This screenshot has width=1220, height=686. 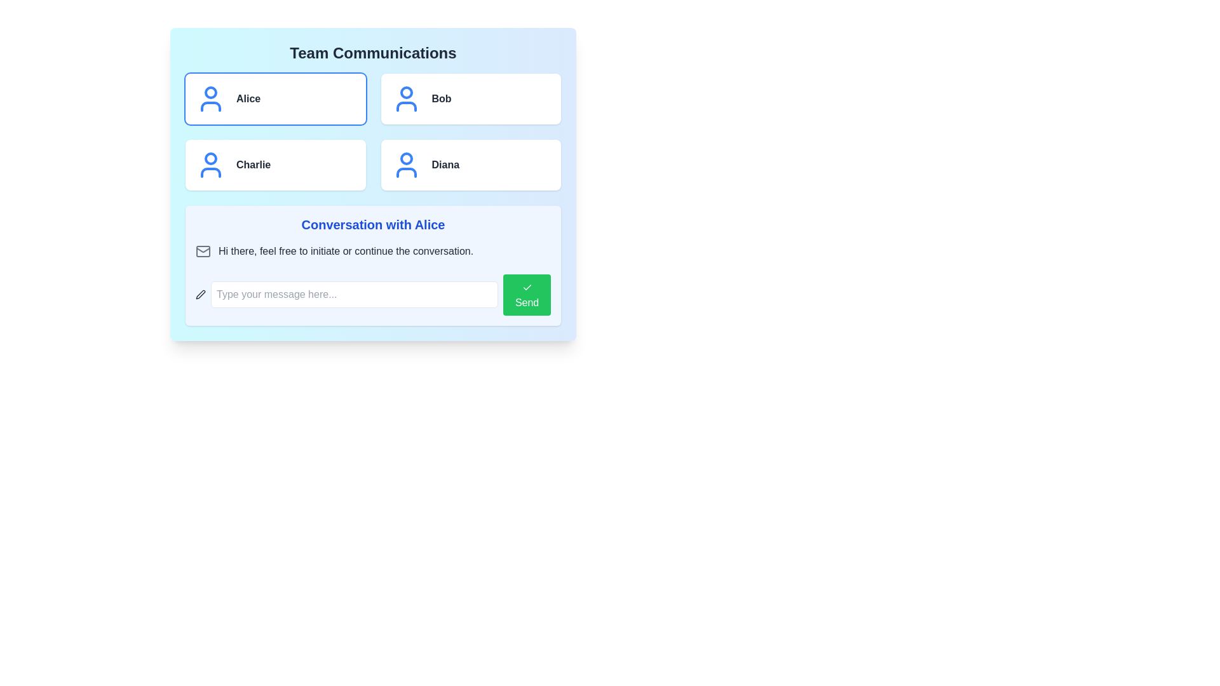 I want to click on the decorative SVG circle component located at the top section of the user avatar icon, so click(x=405, y=158).